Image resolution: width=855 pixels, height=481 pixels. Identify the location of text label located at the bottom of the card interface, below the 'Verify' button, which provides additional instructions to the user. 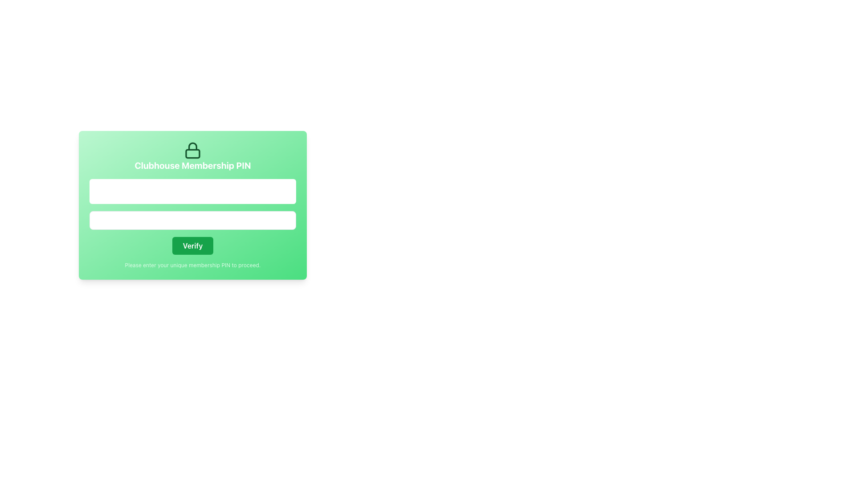
(192, 265).